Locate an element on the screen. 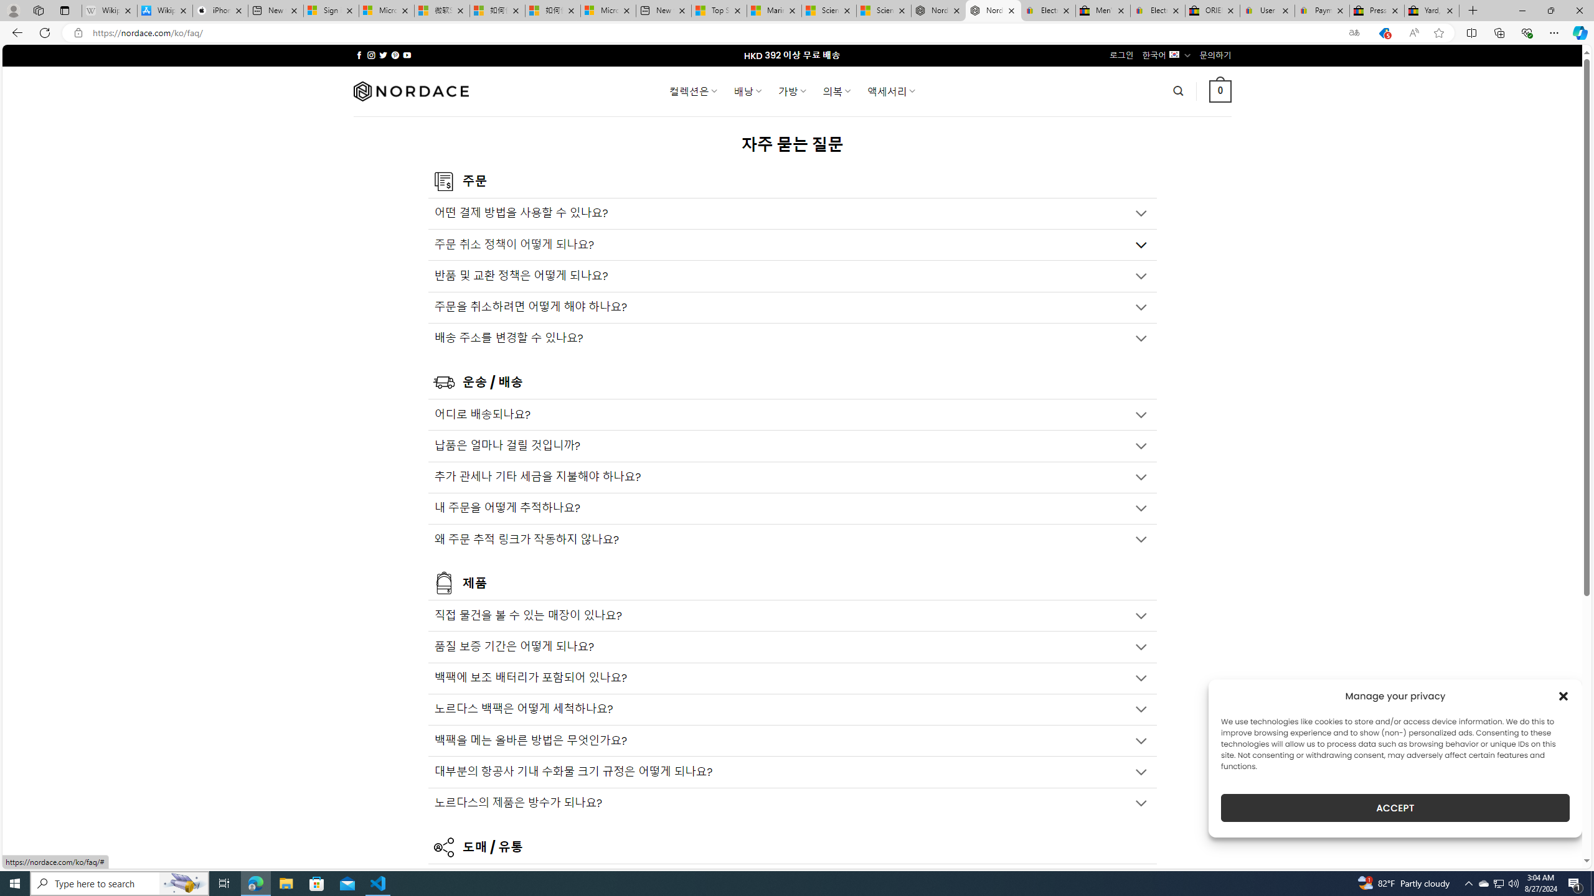 This screenshot has height=896, width=1594. 'Microsoft account | Account Checkup' is located at coordinates (607, 10).